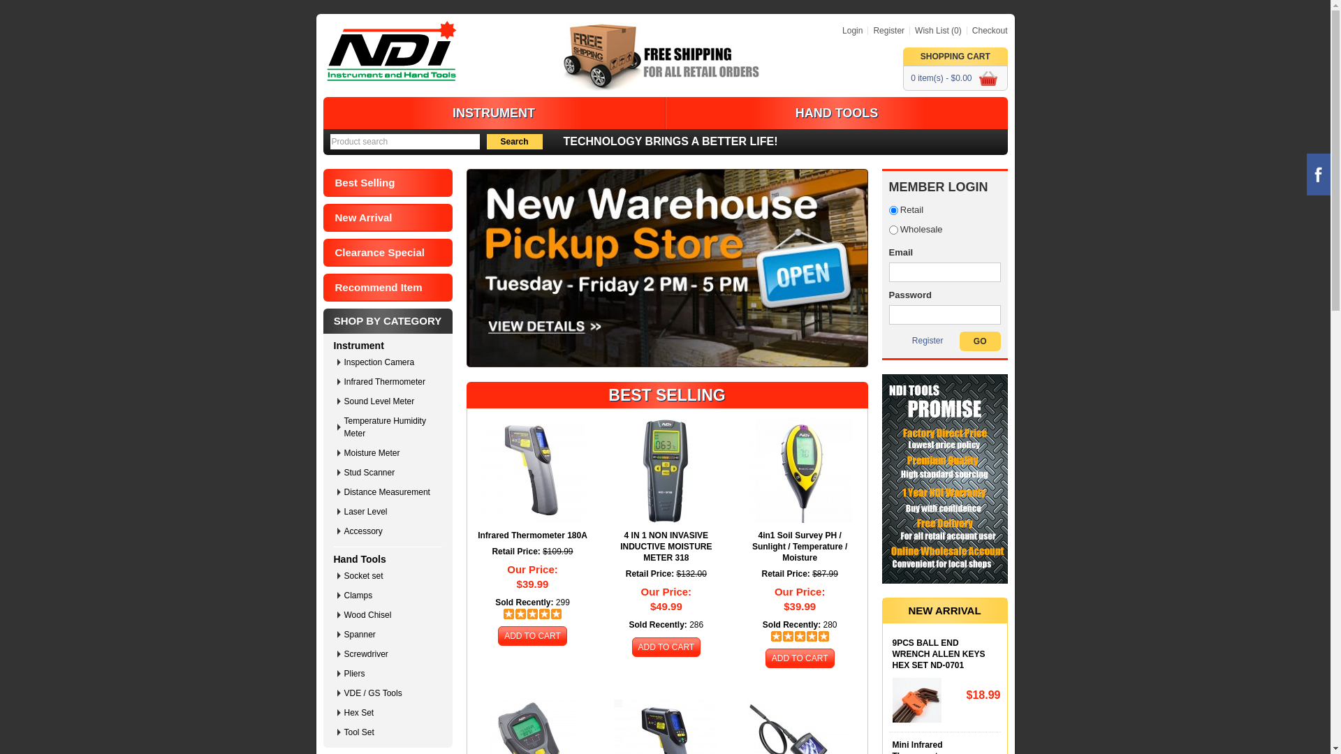 The height and width of the screenshot is (754, 1341). Describe the element at coordinates (390, 401) in the screenshot. I see `'Sound Level Meter'` at that location.